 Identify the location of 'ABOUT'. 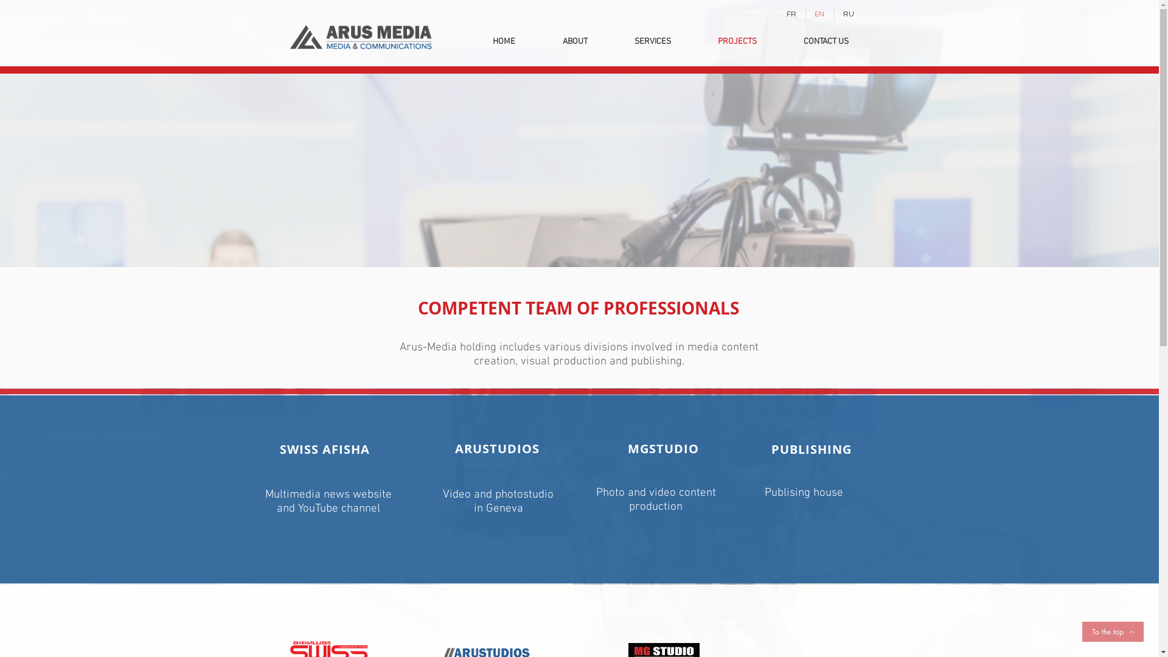
(574, 41).